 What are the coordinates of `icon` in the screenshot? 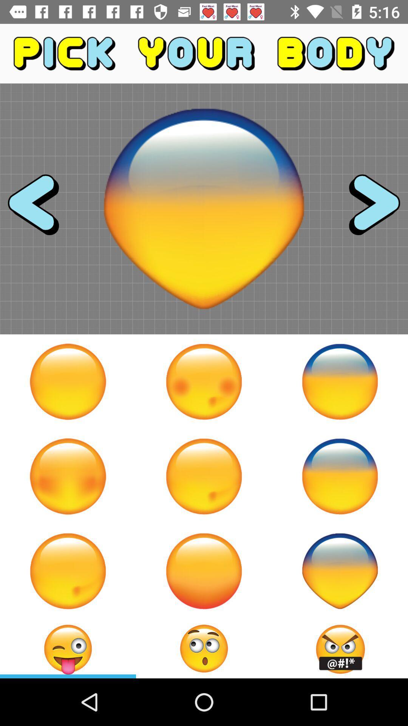 It's located at (204, 476).